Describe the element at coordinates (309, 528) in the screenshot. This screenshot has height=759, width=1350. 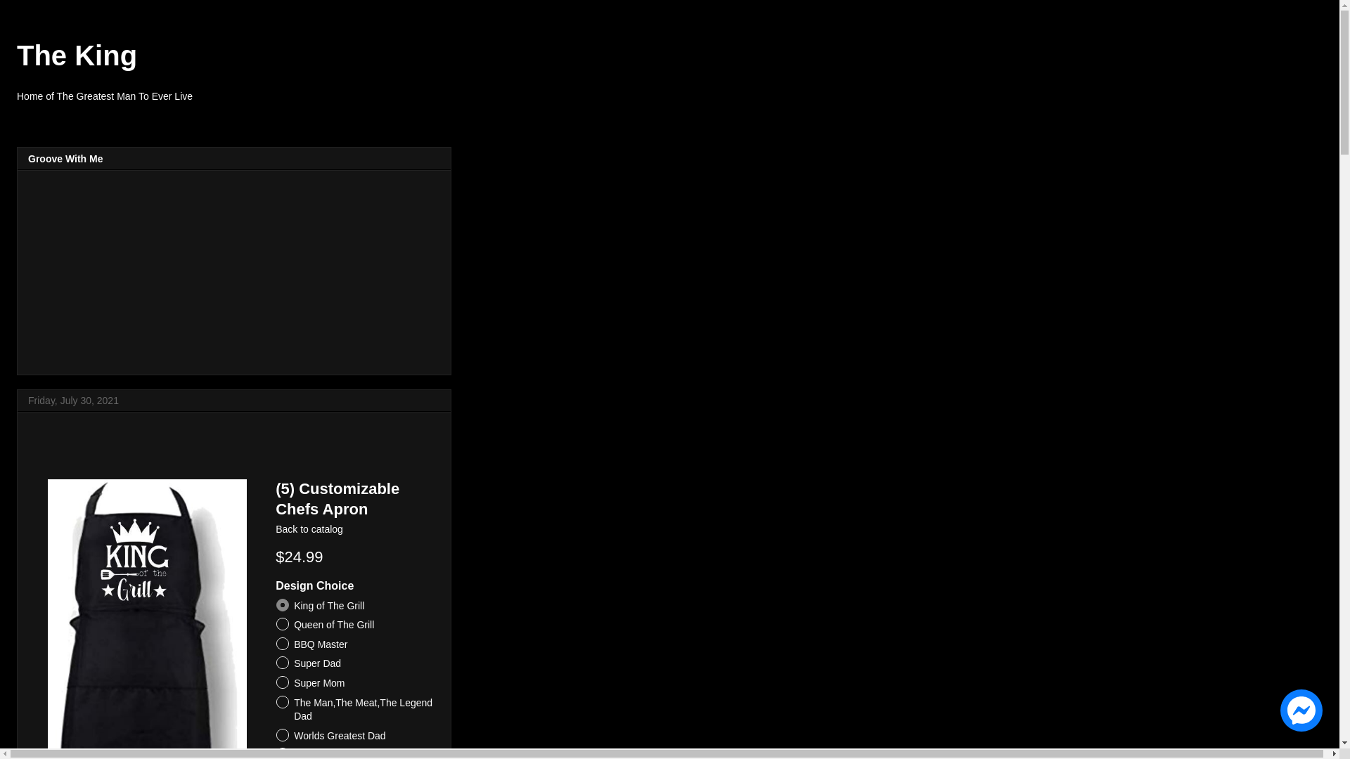
I see `'Back to catalog'` at that location.